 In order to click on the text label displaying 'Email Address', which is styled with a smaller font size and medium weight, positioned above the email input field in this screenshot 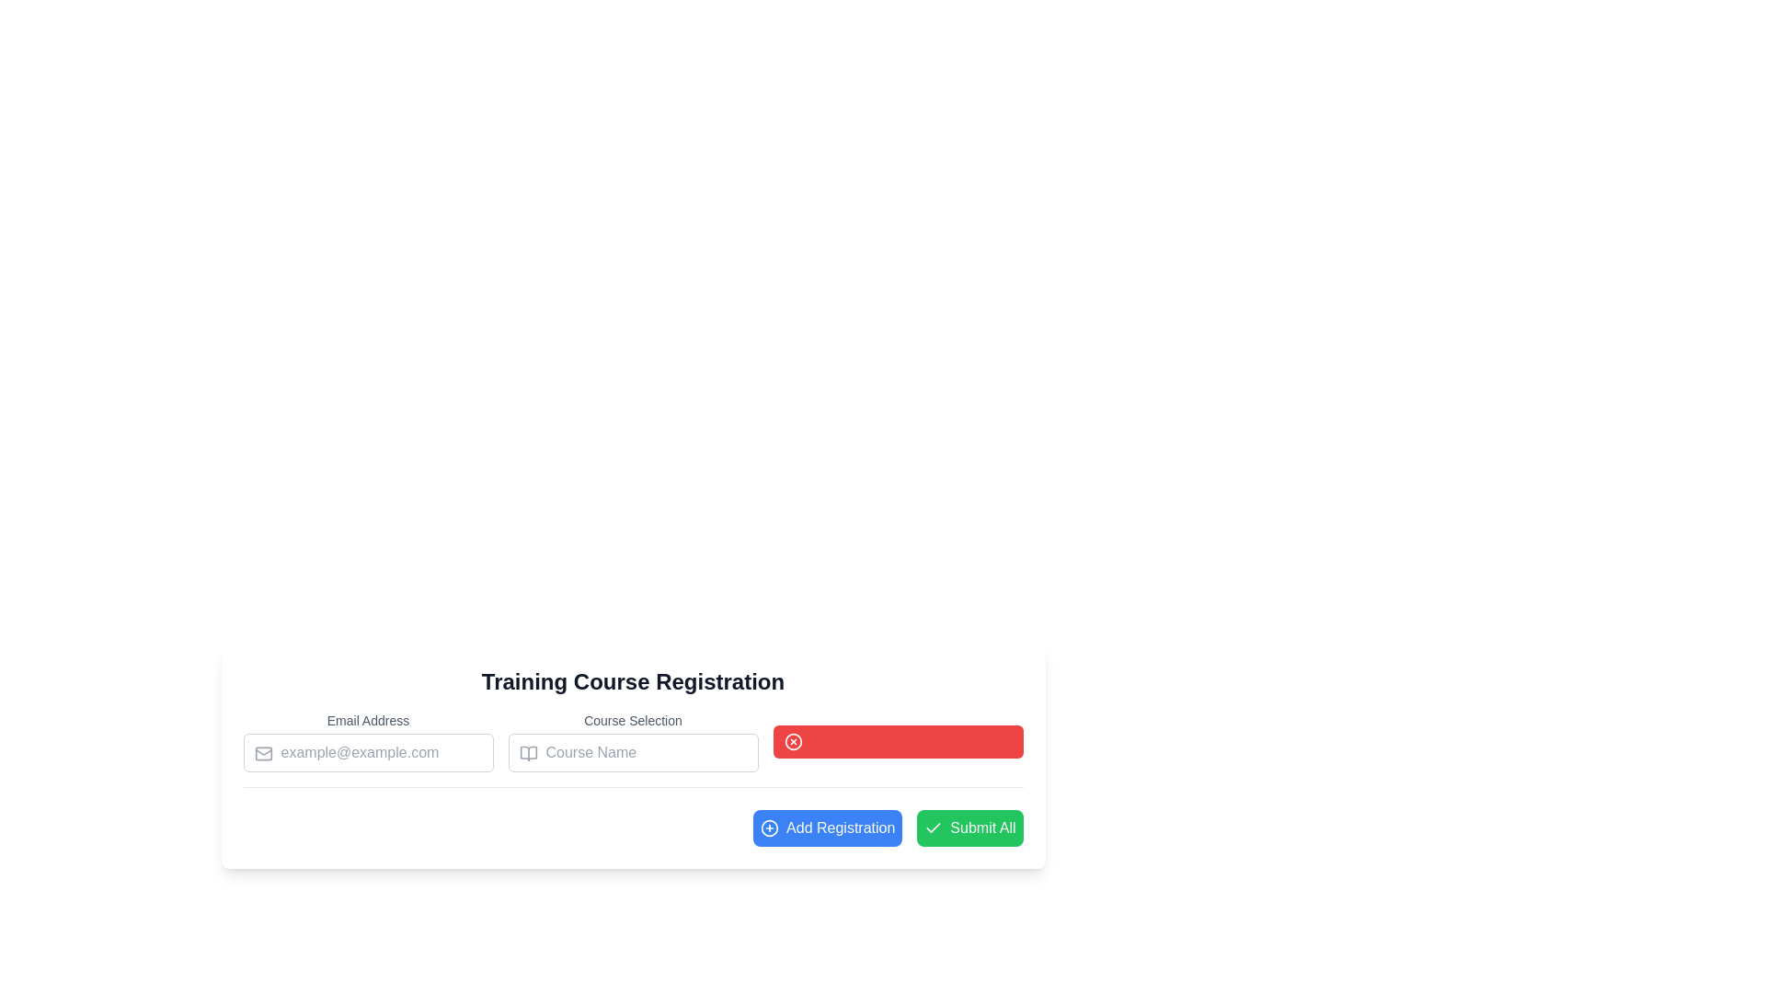, I will do `click(368, 719)`.